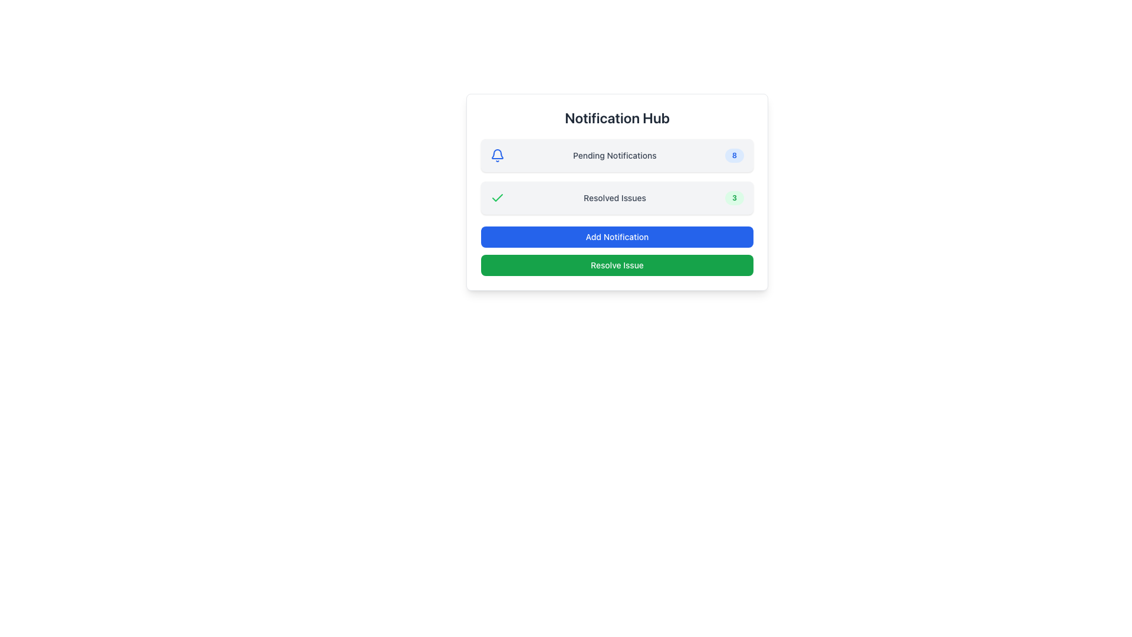  I want to click on the button located below the 'Add Notification' button to potentially see a color change, so click(616, 265).